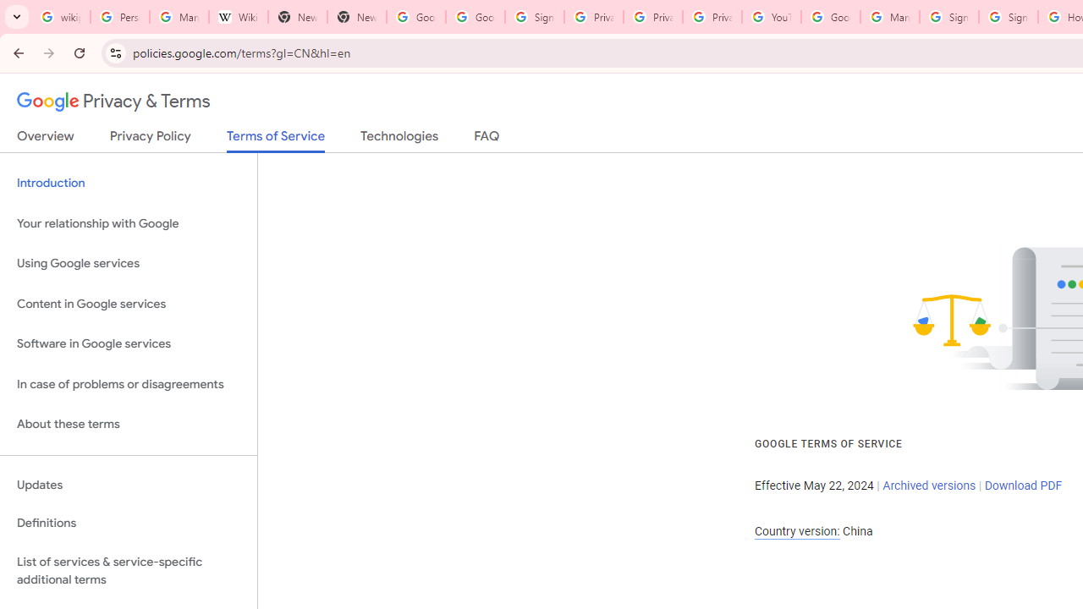 The height and width of the screenshot is (609, 1083). Describe the element at coordinates (113, 101) in the screenshot. I see `'Privacy & Terms'` at that location.